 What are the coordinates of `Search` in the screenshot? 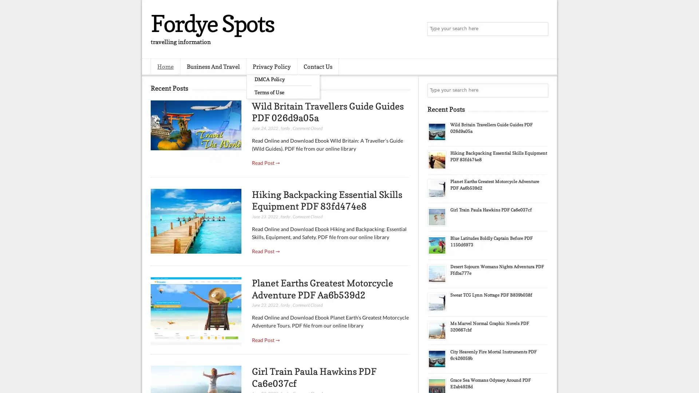 It's located at (541, 29).